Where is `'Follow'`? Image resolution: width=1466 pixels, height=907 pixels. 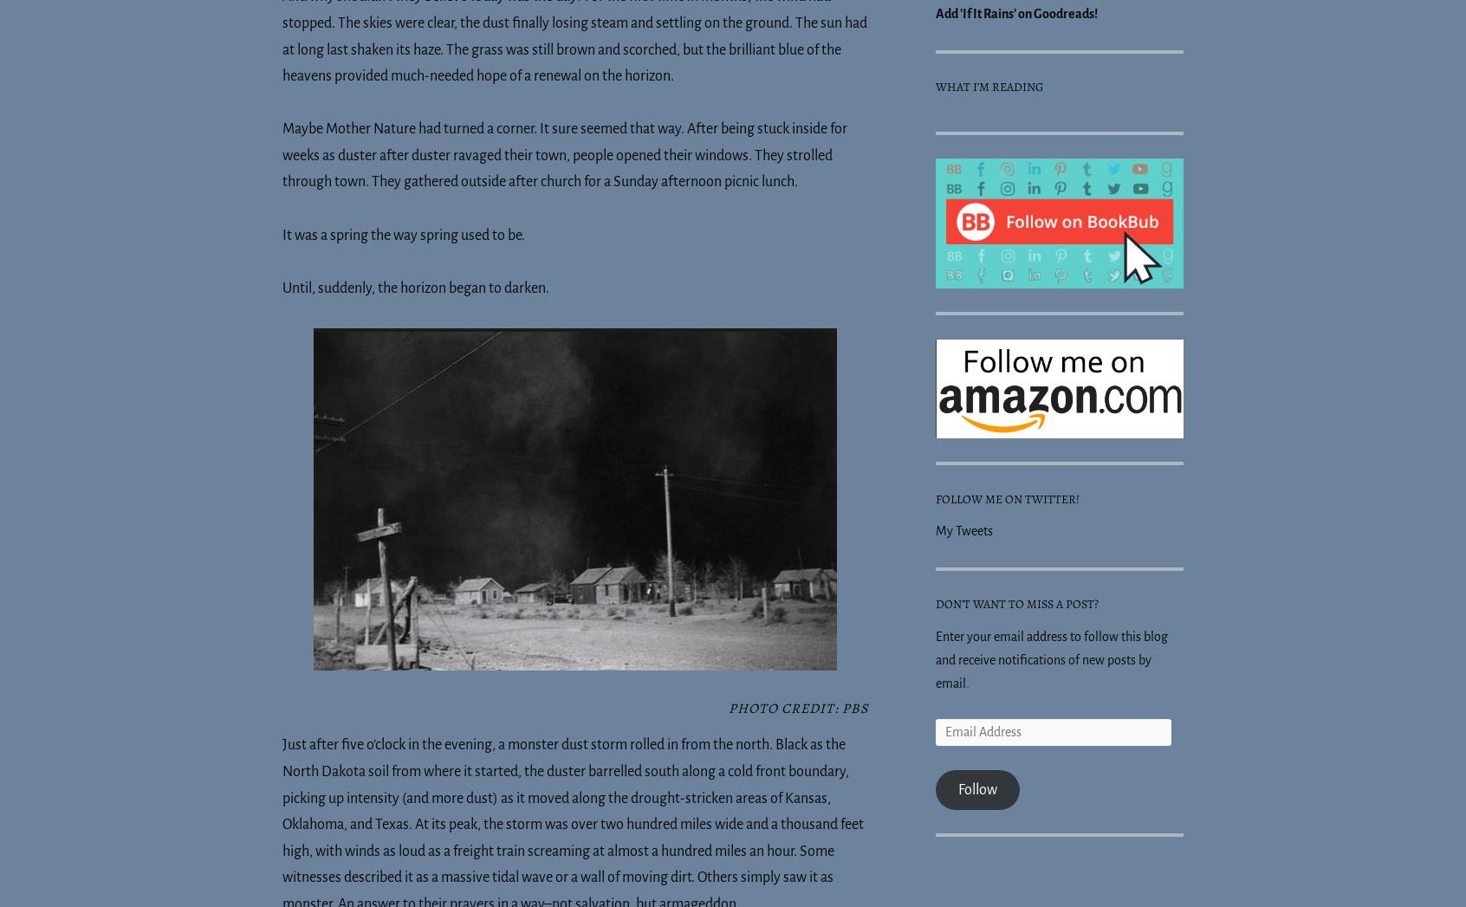
'Follow' is located at coordinates (976, 788).